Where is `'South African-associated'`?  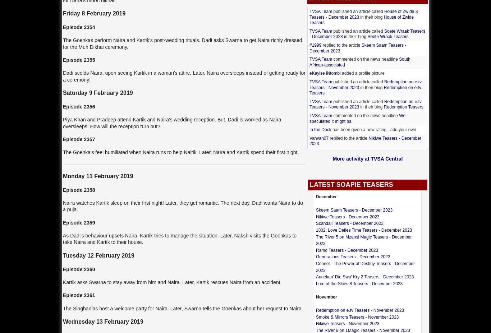
'South African-associated' is located at coordinates (309, 62).